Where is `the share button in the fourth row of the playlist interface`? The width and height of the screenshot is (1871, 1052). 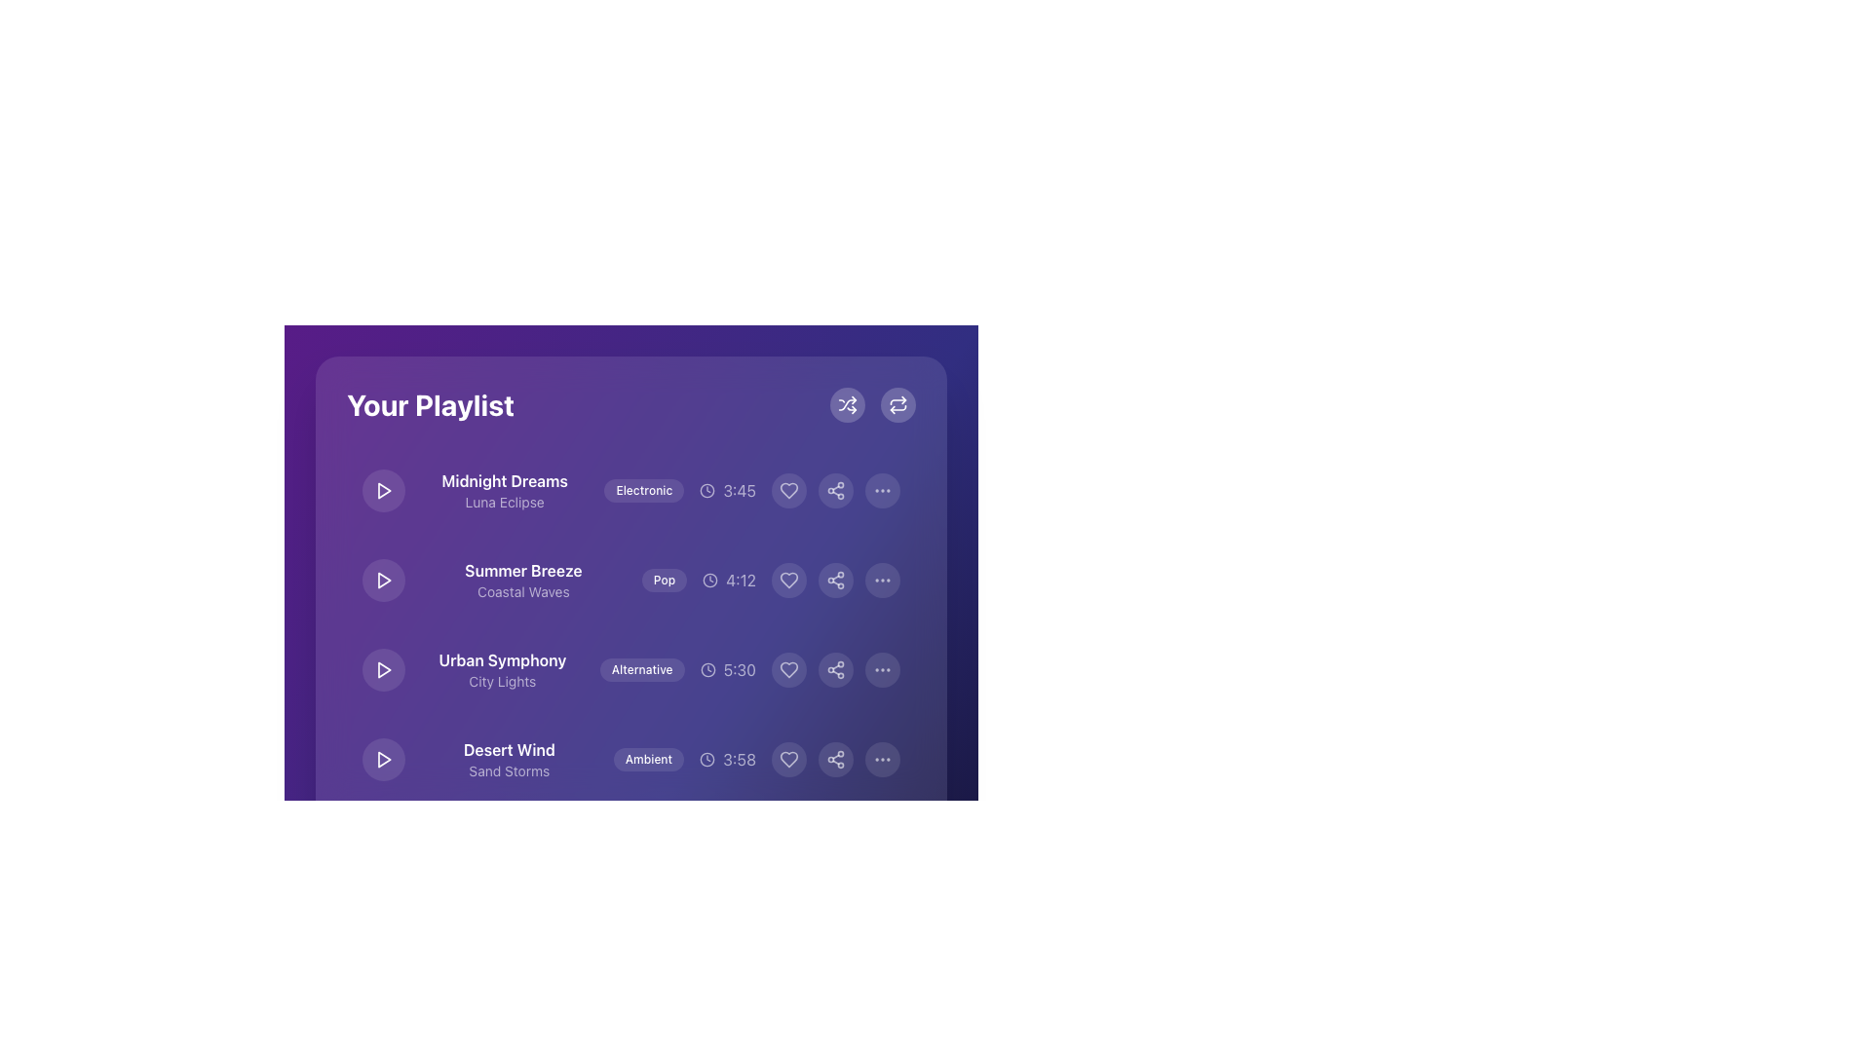
the share button in the fourth row of the playlist interface is located at coordinates (836, 758).